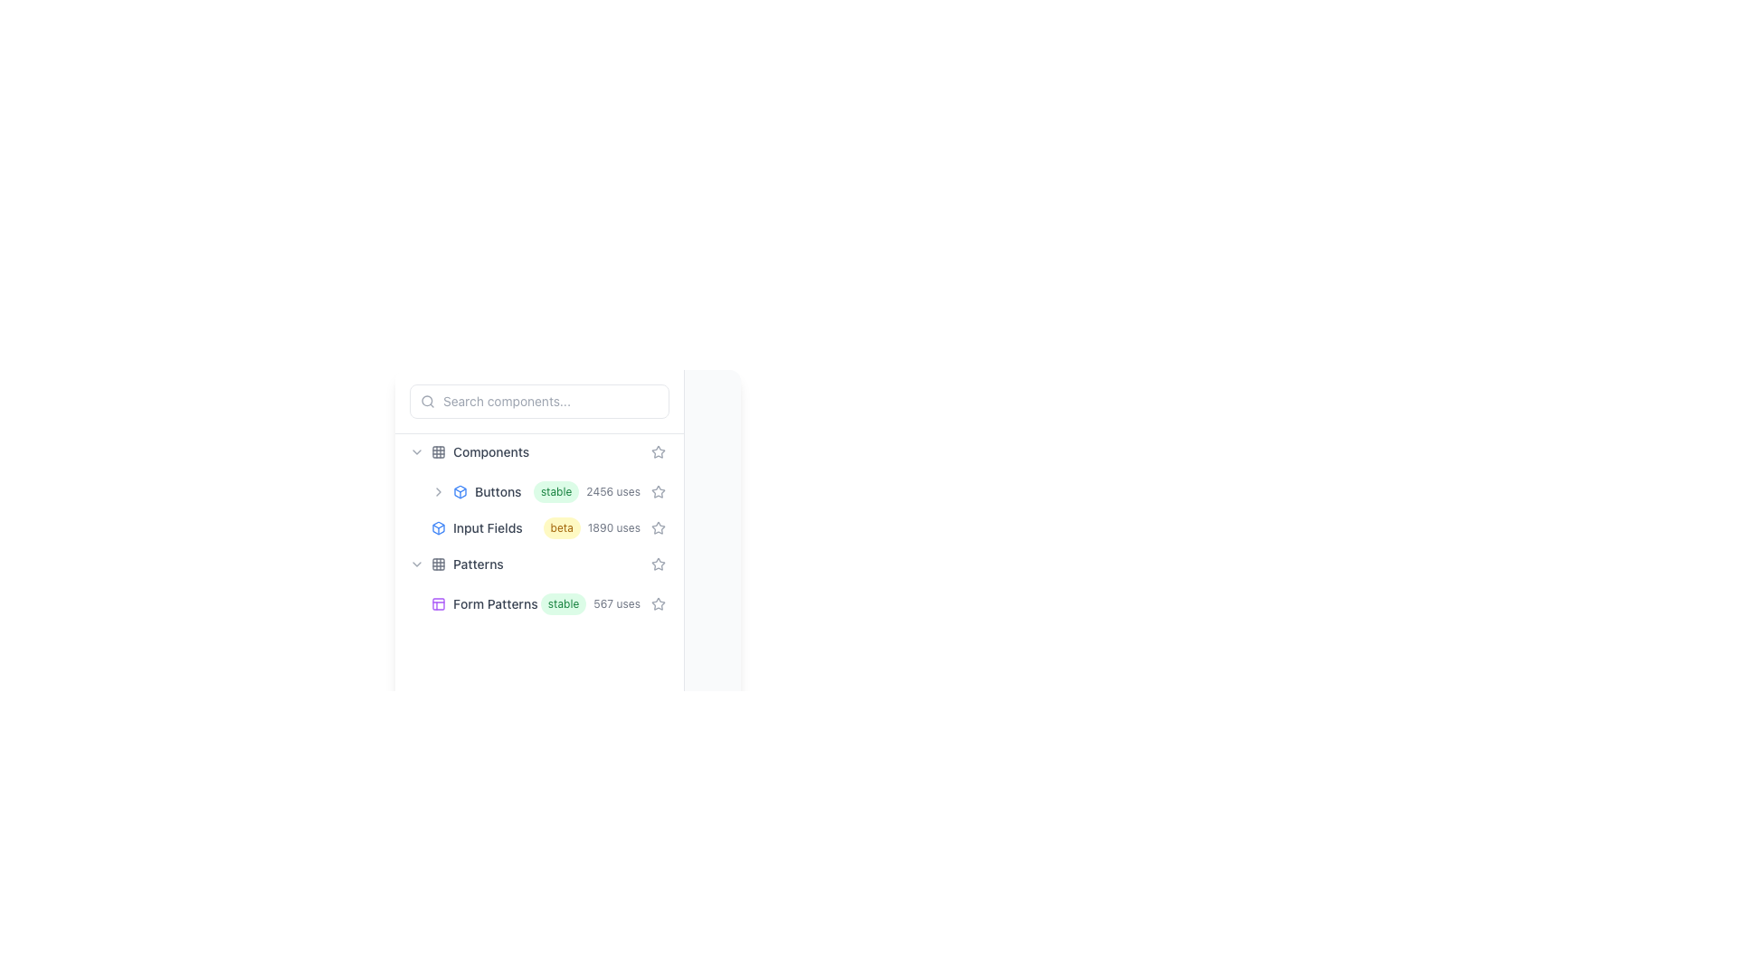 Image resolution: width=1737 pixels, height=977 pixels. Describe the element at coordinates (538, 527) in the screenshot. I see `the yellow badge labeled 'beta' in the 'Input Fields' list item to read its content` at that location.